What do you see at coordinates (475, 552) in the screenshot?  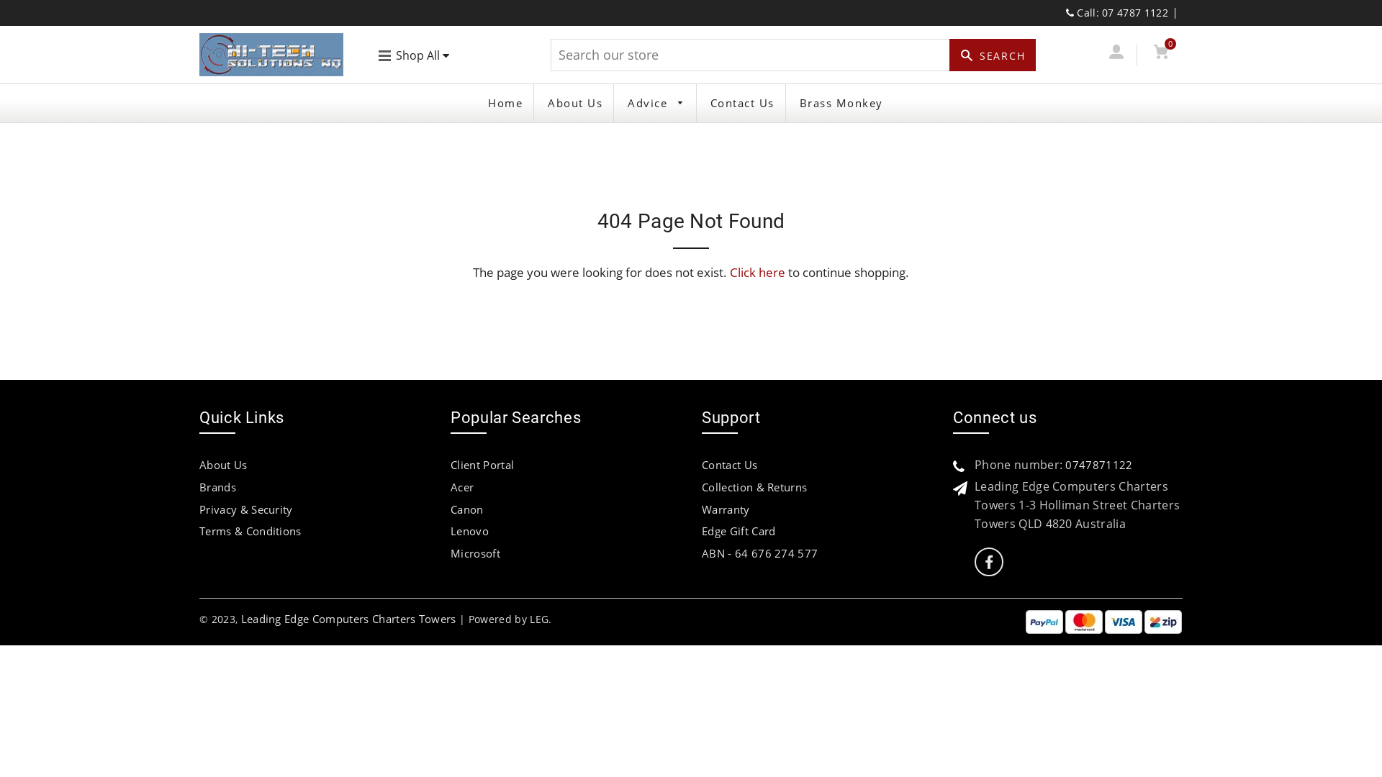 I see `'Microsoft'` at bounding box center [475, 552].